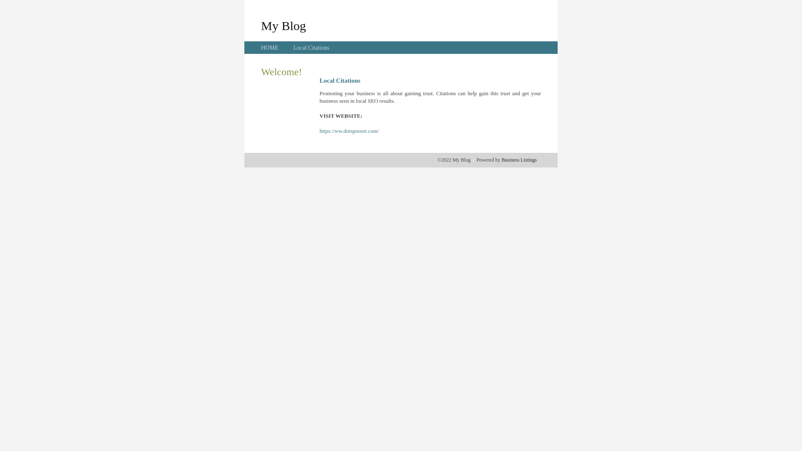 This screenshot has width=802, height=451. What do you see at coordinates (319, 131) in the screenshot?
I see `'https://ww.dotspooort.com/'` at bounding box center [319, 131].